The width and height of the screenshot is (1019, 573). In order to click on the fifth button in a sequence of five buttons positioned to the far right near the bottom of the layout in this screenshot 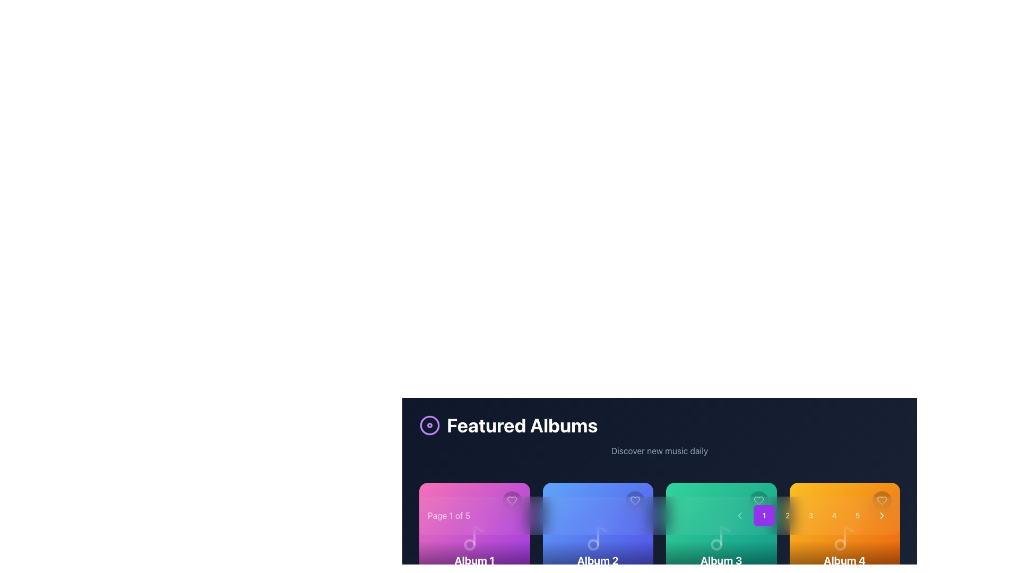, I will do `click(858, 515)`.